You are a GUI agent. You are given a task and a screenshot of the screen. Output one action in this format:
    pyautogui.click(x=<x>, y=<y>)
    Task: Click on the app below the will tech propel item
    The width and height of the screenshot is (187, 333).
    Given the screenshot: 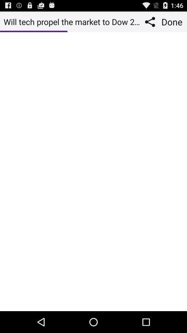 What is the action you would take?
    pyautogui.click(x=93, y=171)
    